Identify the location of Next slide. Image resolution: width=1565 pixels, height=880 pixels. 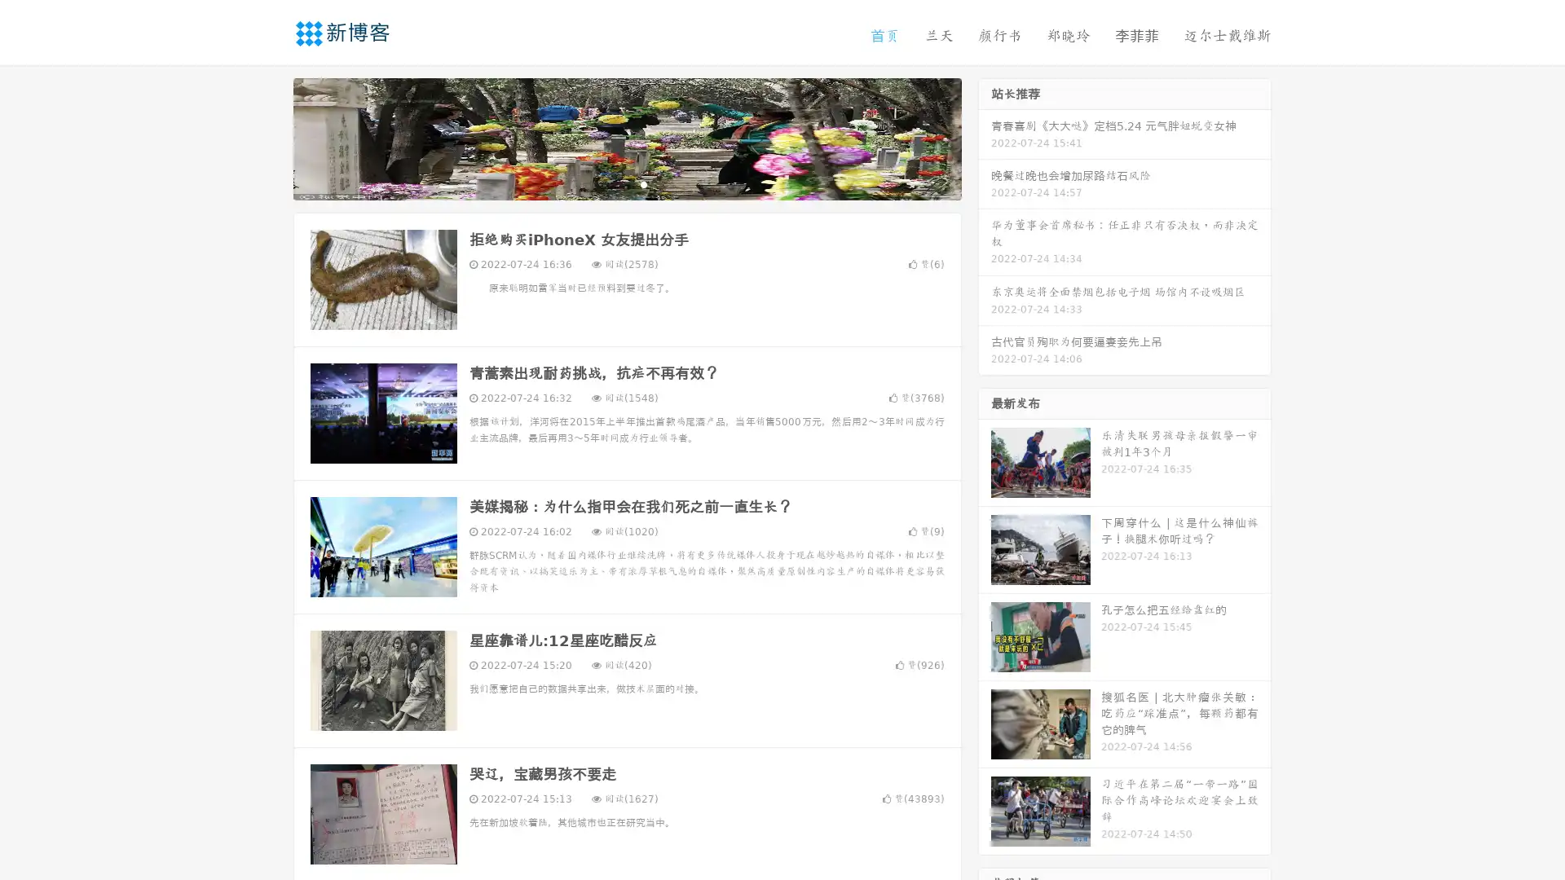
(985, 137).